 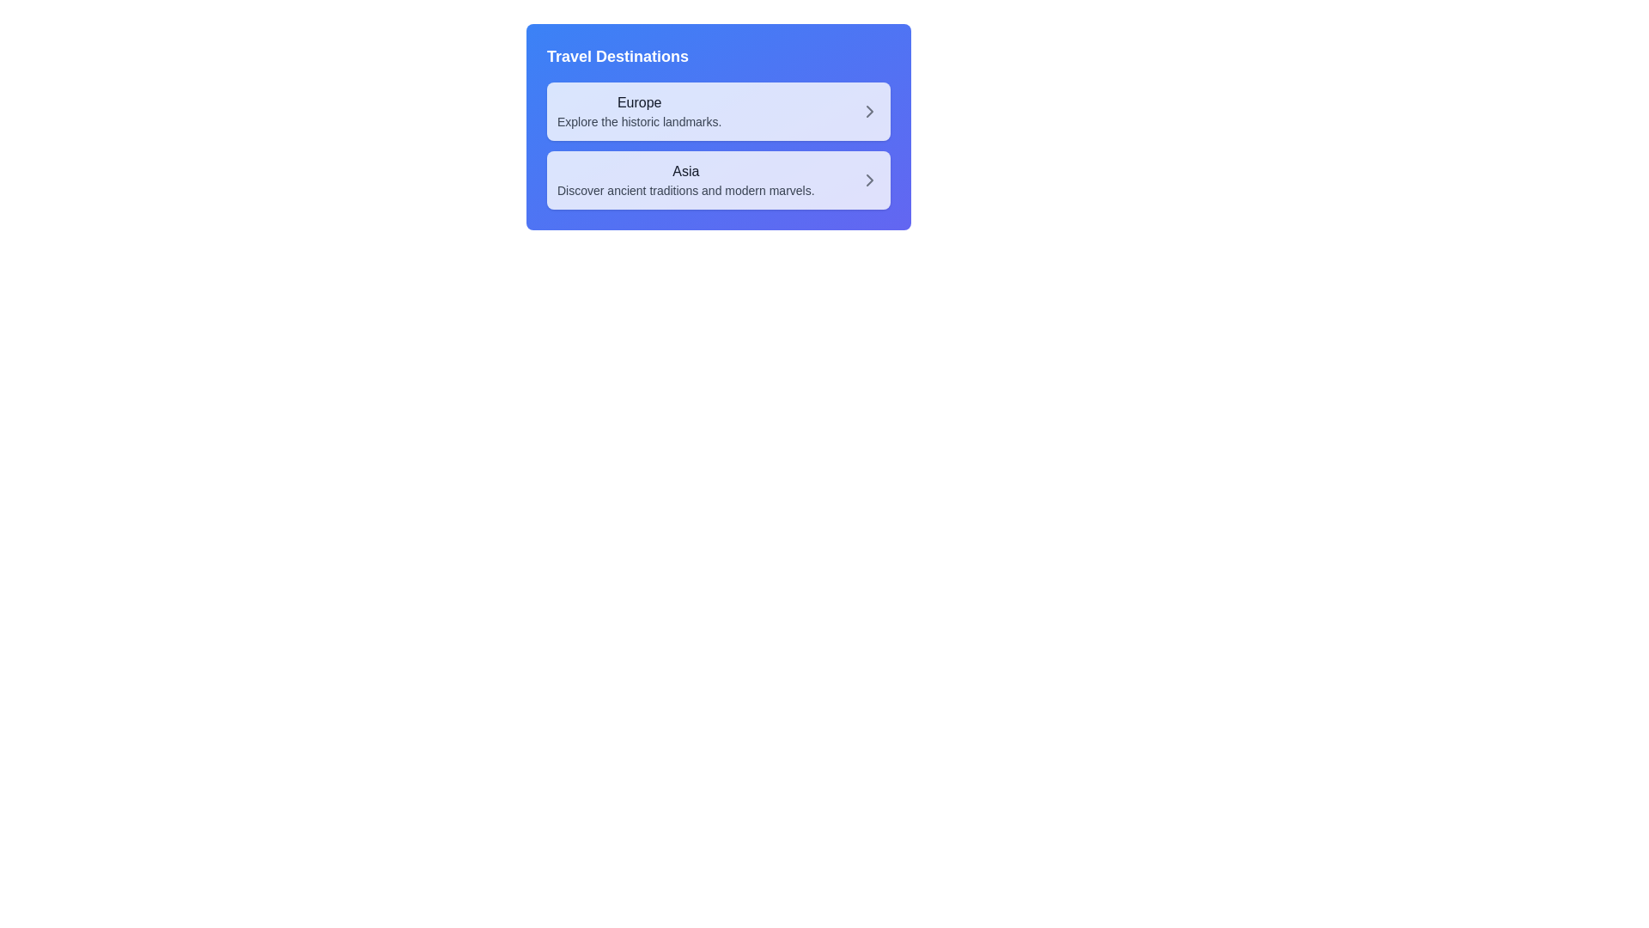 I want to click on static informational label about the travel destination 'Europe' which includes the heading and subtext 'Explore the historic landmarks.', so click(x=638, y=112).